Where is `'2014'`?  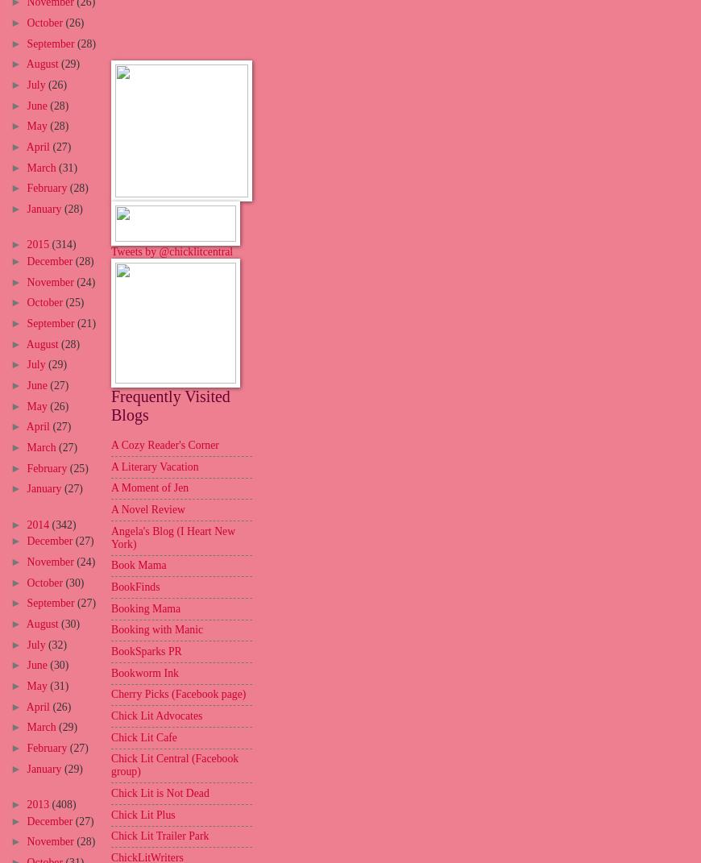
'2014' is located at coordinates (38, 523).